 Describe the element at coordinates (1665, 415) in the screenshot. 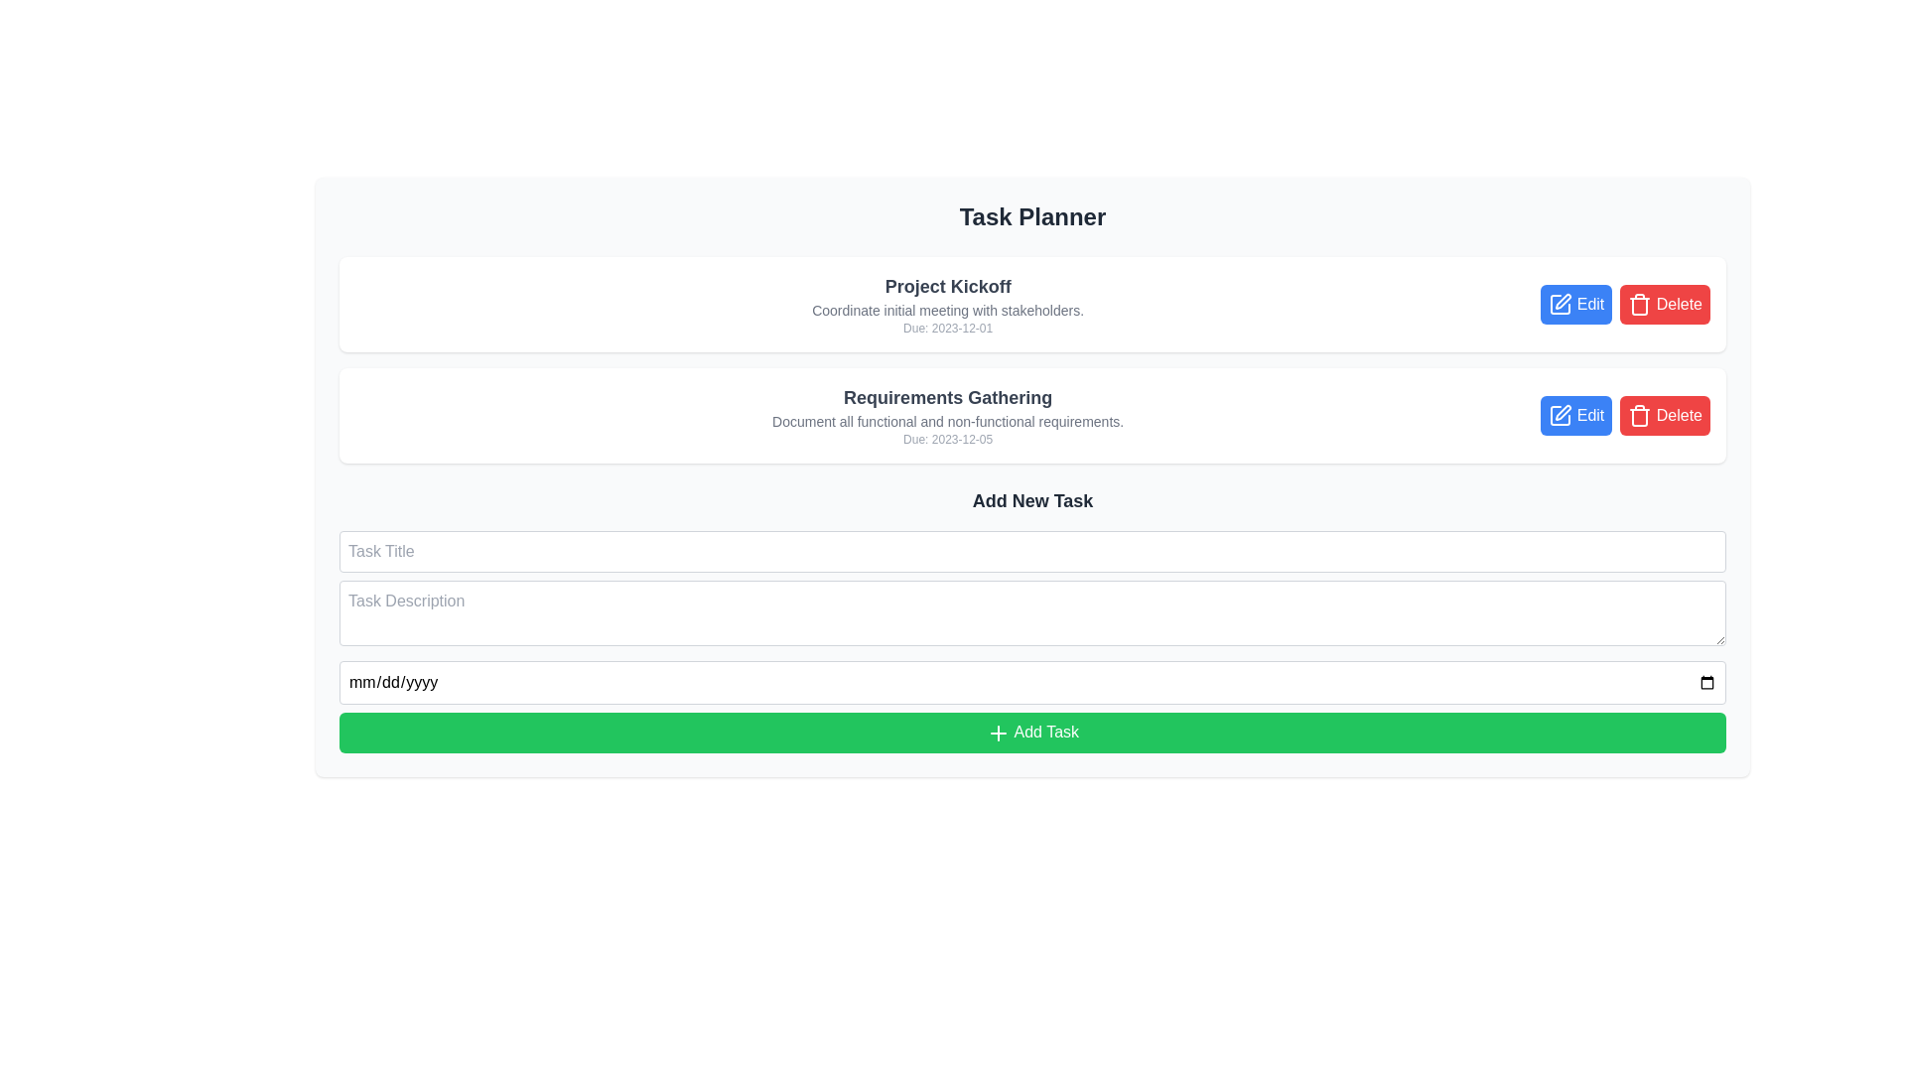

I see `the red 'Delete' button with a trash icon to initiate the delete action` at that location.